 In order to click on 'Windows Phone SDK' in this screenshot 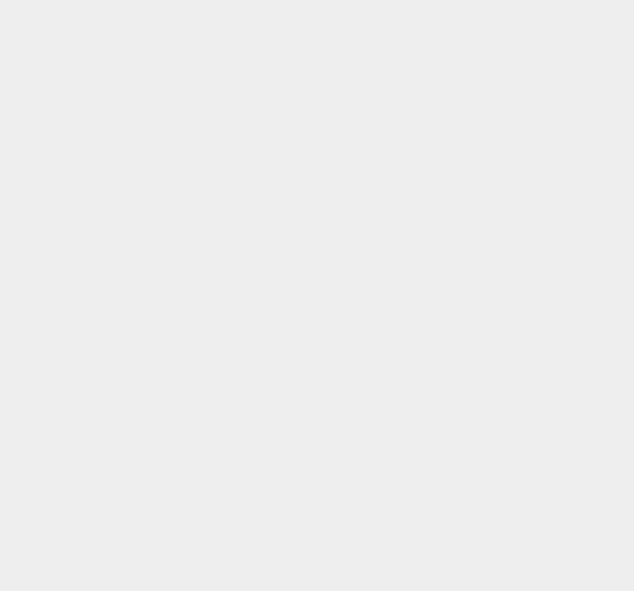, I will do `click(483, 286)`.